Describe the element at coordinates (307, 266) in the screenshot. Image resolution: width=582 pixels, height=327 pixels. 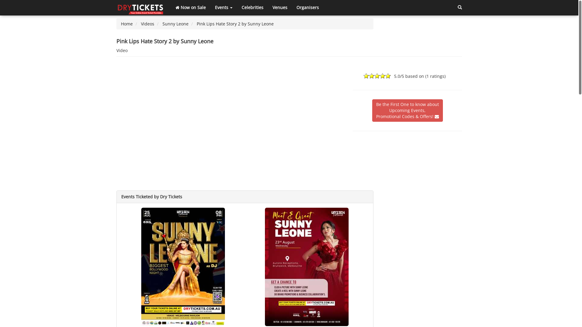
I see `'Meet & Greet - Sunny Leone Melbourne 2023'` at that location.